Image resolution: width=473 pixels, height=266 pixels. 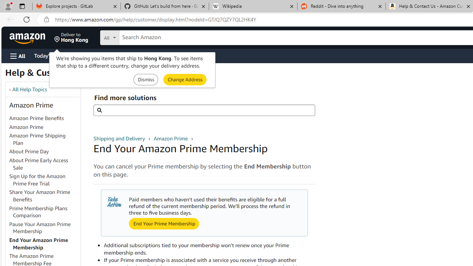 What do you see at coordinates (18, 55) in the screenshot?
I see `'Open Menu'` at bounding box center [18, 55].